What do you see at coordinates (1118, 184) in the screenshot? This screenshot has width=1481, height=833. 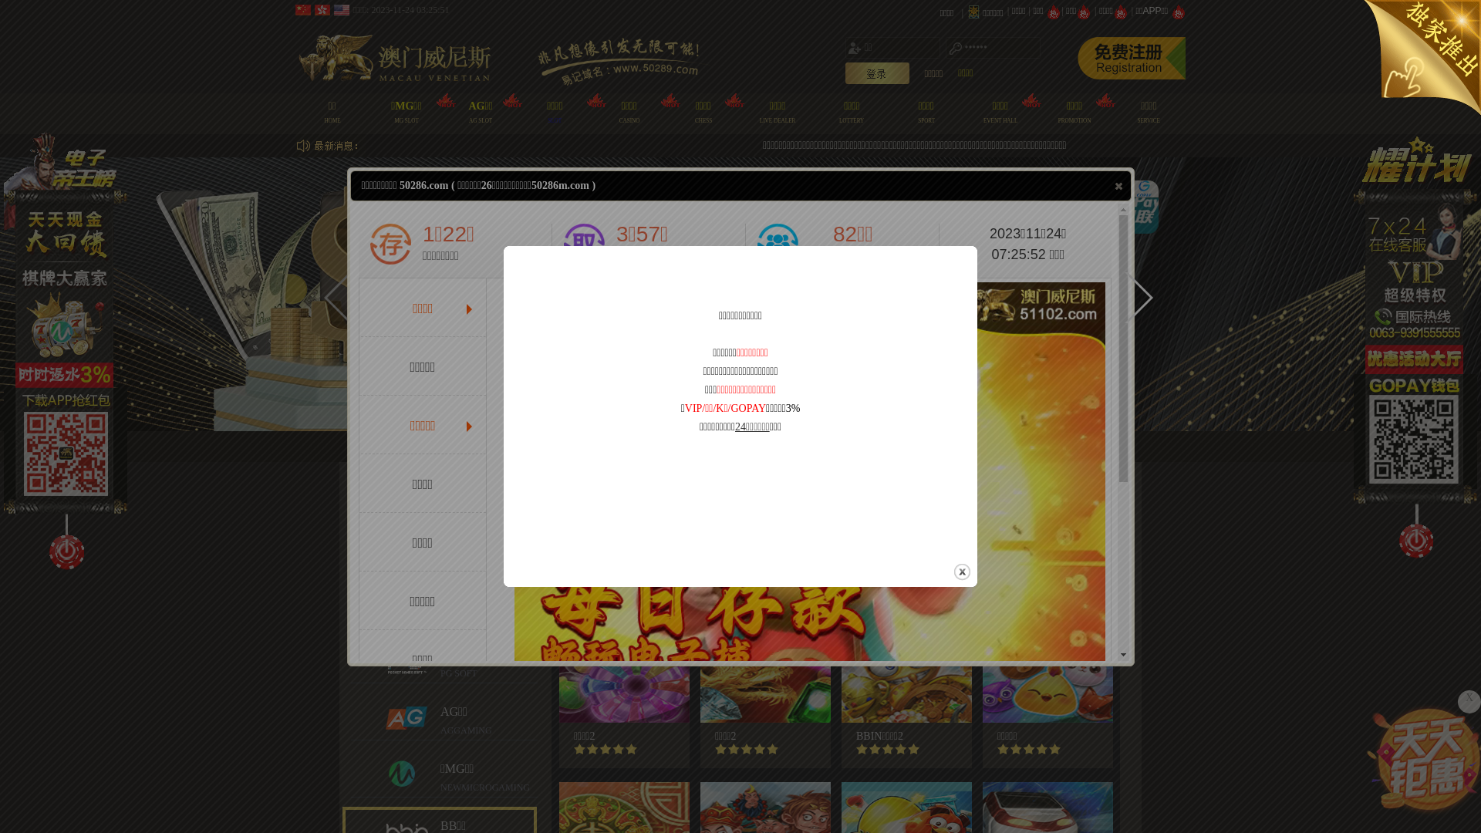 I see `'close'` at bounding box center [1118, 184].